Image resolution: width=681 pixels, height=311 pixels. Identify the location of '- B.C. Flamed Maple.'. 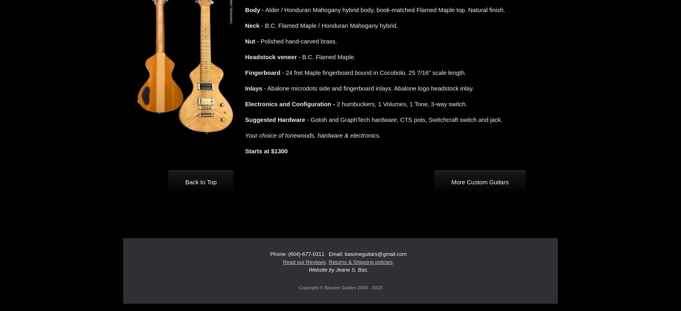
(326, 57).